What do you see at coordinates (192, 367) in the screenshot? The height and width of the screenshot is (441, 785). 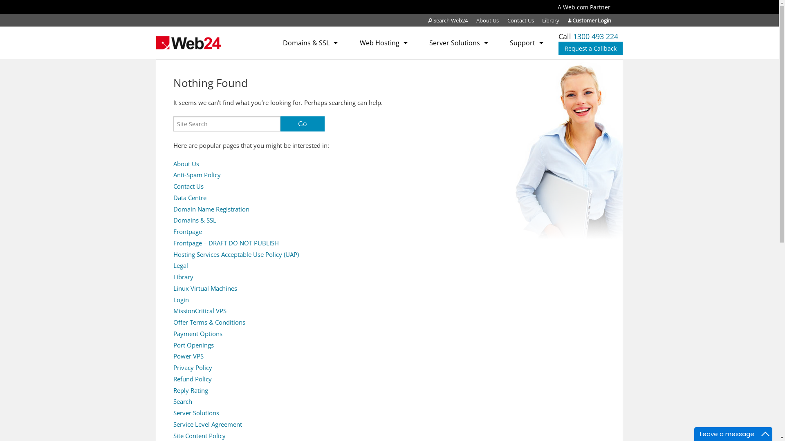 I see `'Privacy Policy'` at bounding box center [192, 367].